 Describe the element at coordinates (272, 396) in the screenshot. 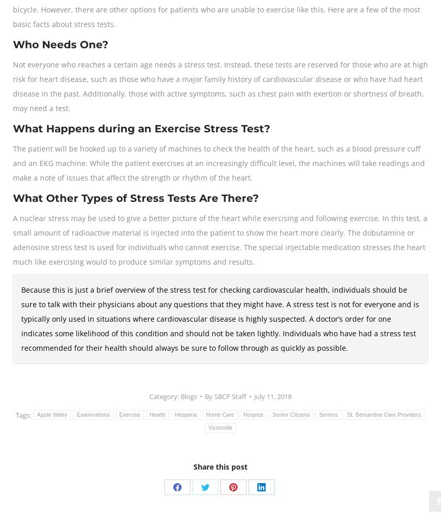

I see `'July 11, 2018'` at that location.